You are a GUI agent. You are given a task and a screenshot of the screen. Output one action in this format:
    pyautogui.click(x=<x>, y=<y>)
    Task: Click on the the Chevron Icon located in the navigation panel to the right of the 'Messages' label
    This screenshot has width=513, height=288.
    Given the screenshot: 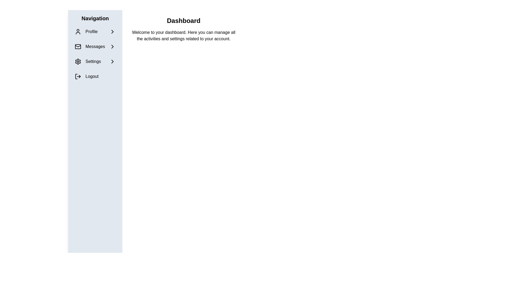 What is the action you would take?
    pyautogui.click(x=112, y=46)
    